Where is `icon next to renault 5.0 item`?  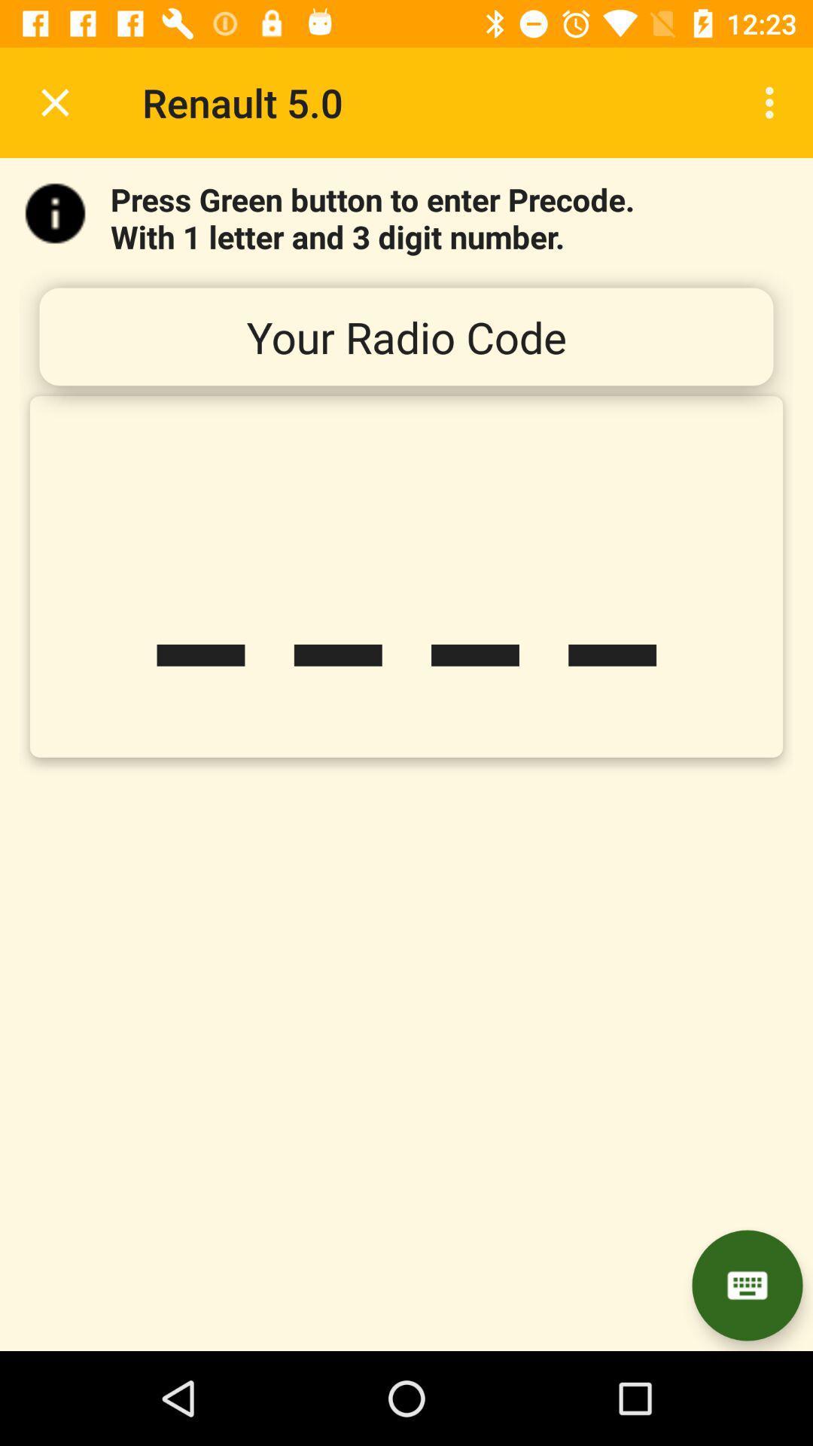 icon next to renault 5.0 item is located at coordinates (773, 102).